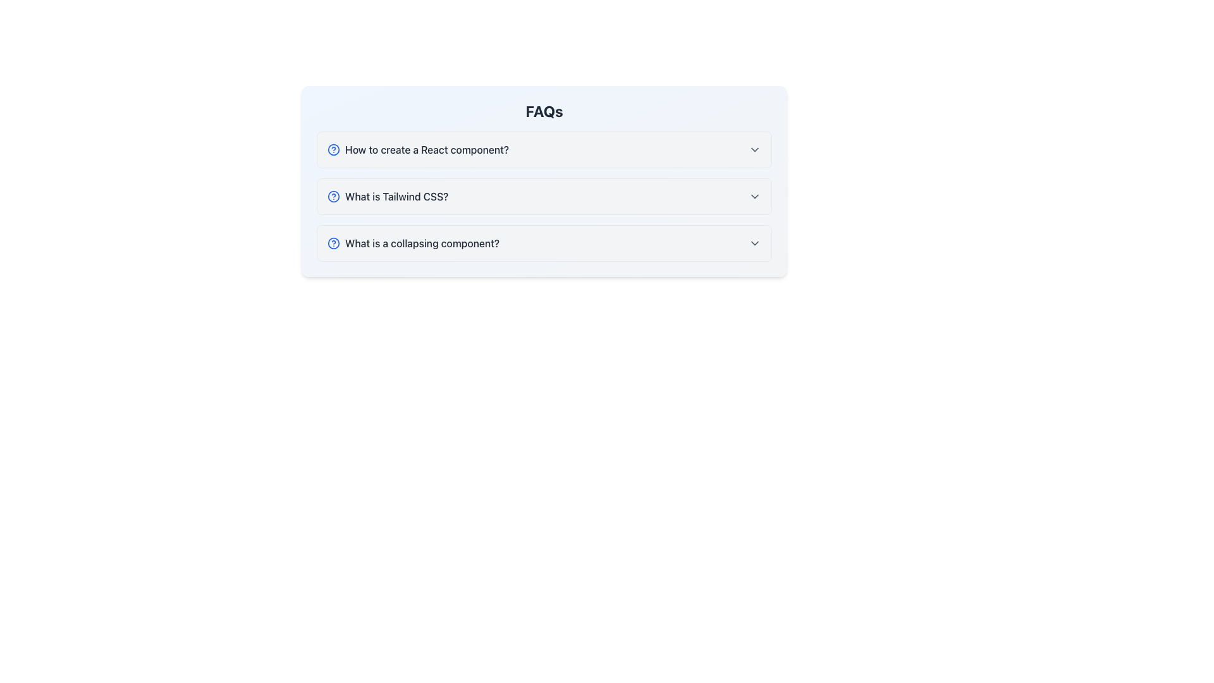 This screenshot has width=1214, height=683. Describe the element at coordinates (544, 197) in the screenshot. I see `the second Collapsible list item displaying the question 'What is Tailwind CSS?'` at that location.